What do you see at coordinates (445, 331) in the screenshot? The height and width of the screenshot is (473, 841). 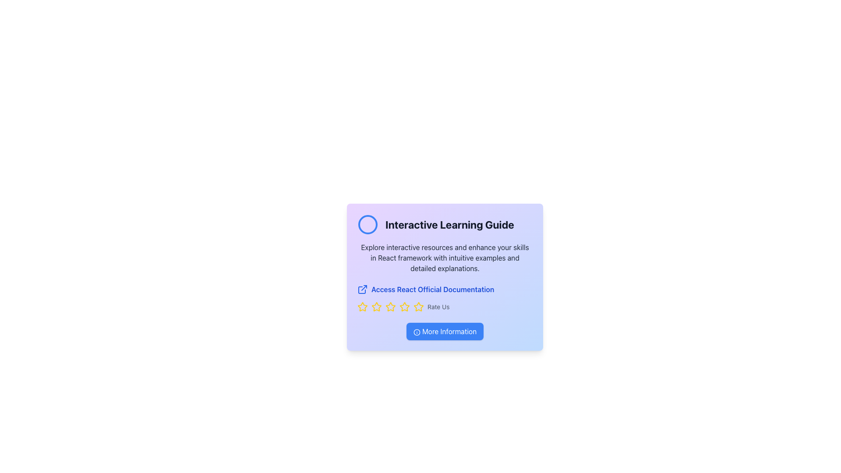 I see `the button located at the bottom of the 'Interactive Learning Guide' card` at bounding box center [445, 331].